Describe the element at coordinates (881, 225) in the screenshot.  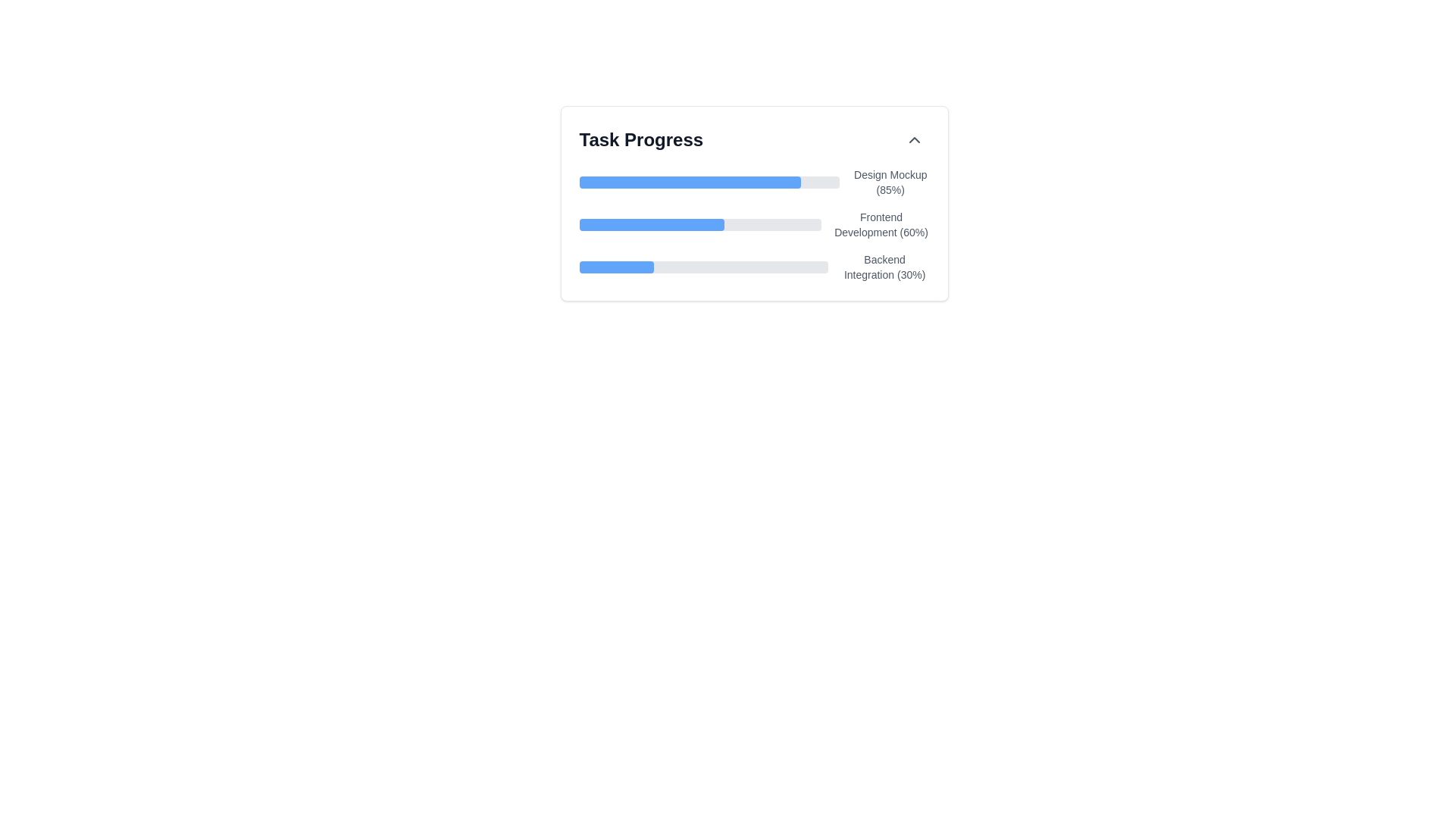
I see `the text label displaying 'Frontend Development (60%)', which is styled with a smaller font size and gray color, located to the right of a progress bar` at that location.